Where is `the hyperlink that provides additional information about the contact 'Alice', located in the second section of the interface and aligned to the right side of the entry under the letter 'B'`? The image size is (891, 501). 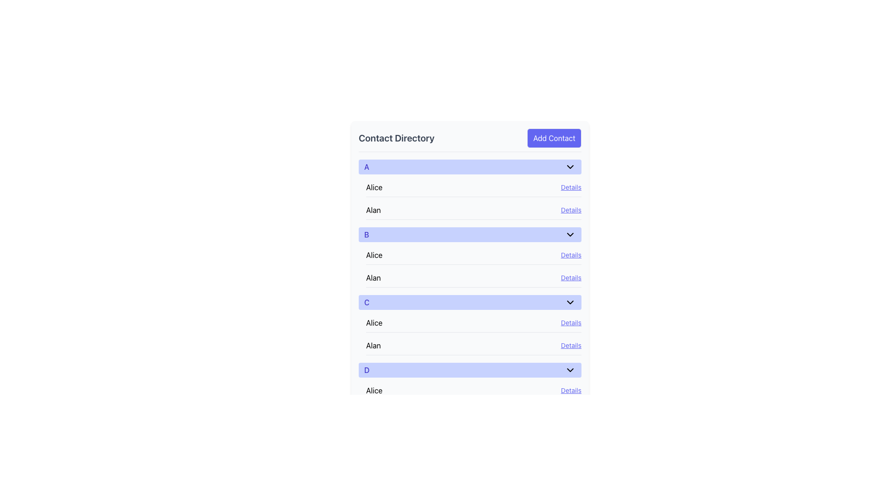 the hyperlink that provides additional information about the contact 'Alice', located in the second section of the interface and aligned to the right side of the entry under the letter 'B' is located at coordinates (570, 255).